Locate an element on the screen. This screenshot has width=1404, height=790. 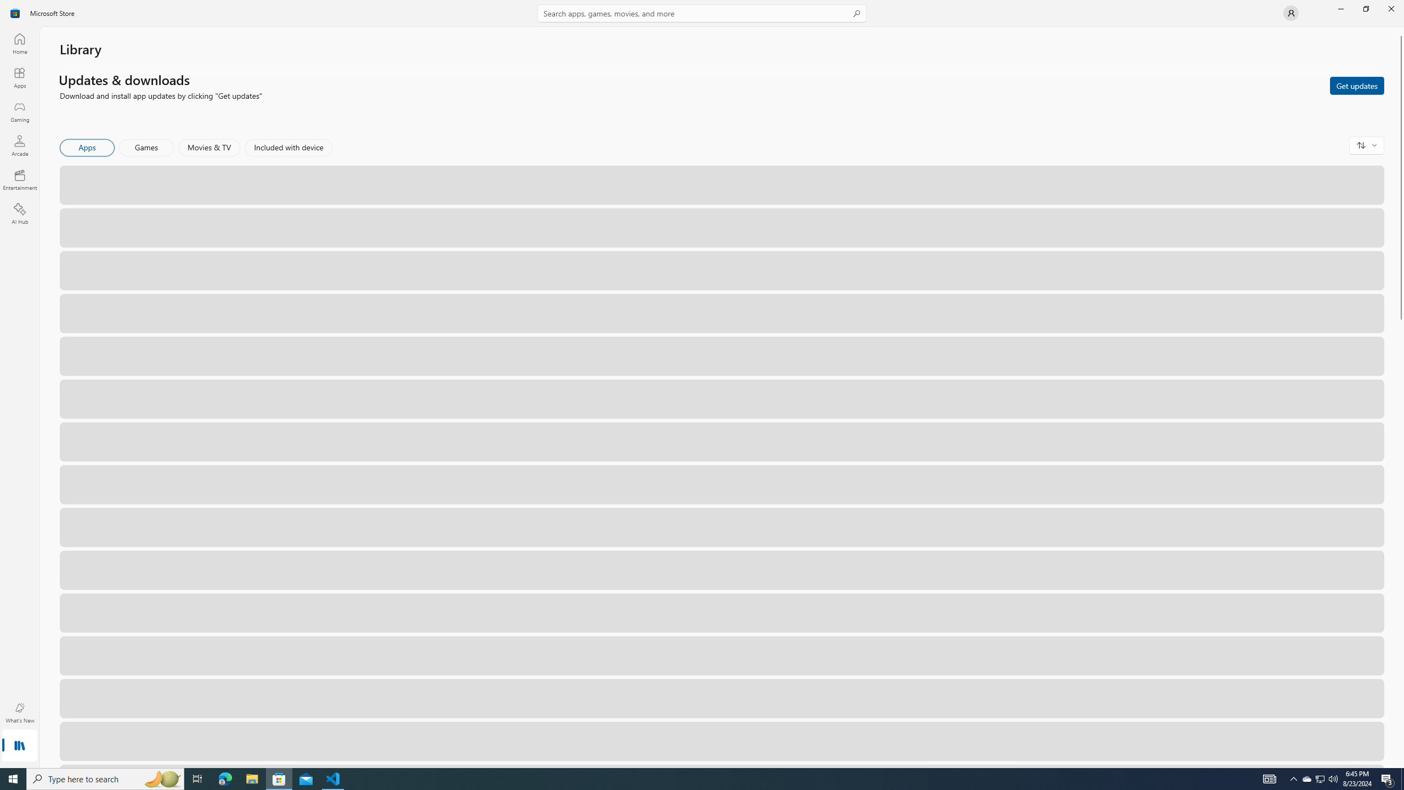
'Get updates' is located at coordinates (1357, 84).